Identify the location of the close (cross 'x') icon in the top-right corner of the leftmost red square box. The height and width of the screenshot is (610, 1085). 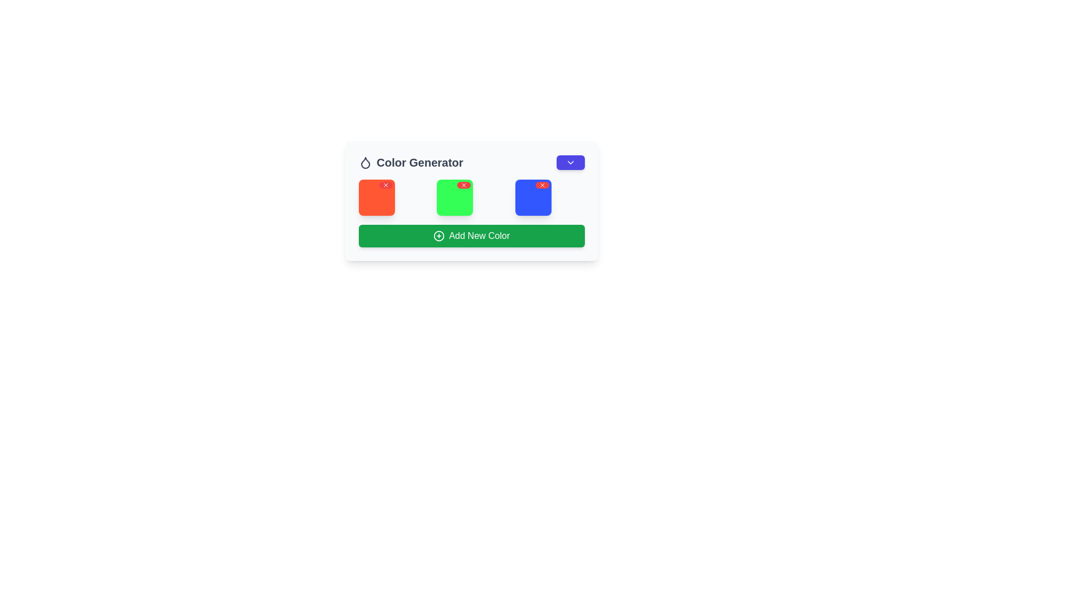
(385, 184).